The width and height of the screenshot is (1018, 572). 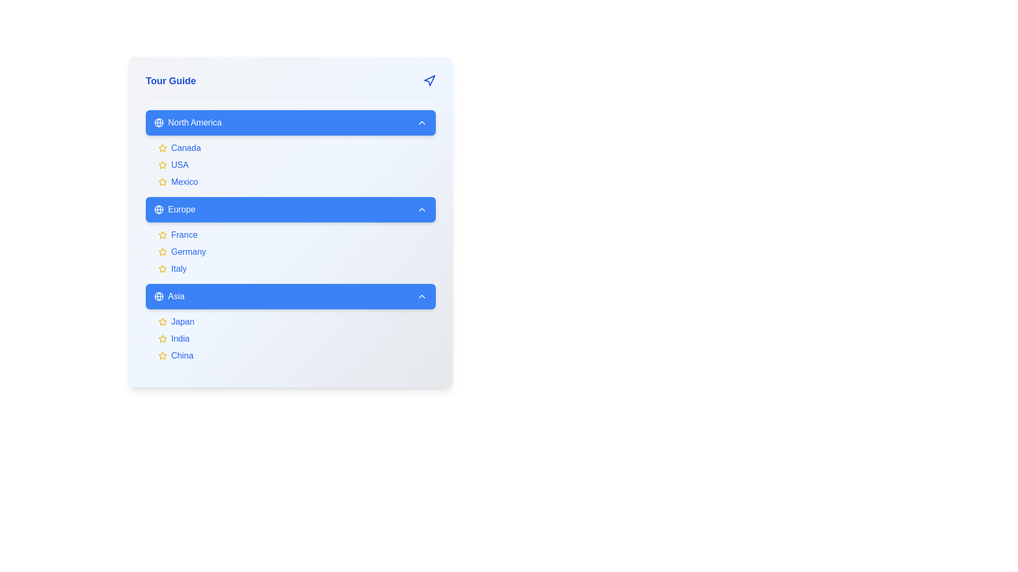 What do you see at coordinates (297, 234) in the screenshot?
I see `the yellow star icon of the list entry for France, which is the first item under the Europe category` at bounding box center [297, 234].